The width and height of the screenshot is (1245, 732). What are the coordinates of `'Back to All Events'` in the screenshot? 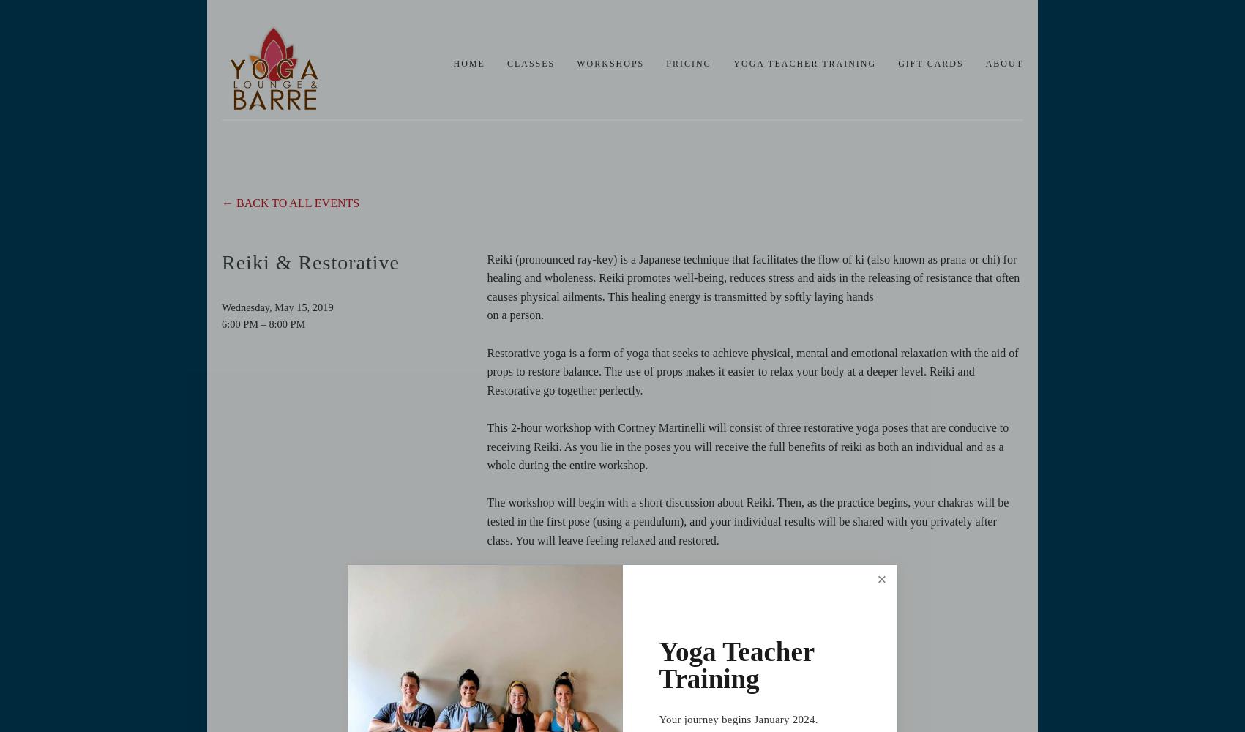 It's located at (297, 203).